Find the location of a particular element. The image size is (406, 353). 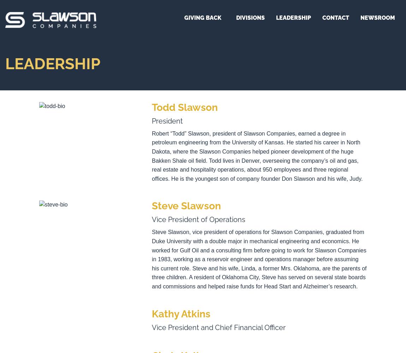

'Steve Slawson, vice president of operations for Slawson Companies, graduated from Duke University with a double major in mechanical engineering and economics. He worked for Gulf Oil and a consulting firm before going to work for Slawson Companies in 1983, working as a reservoir engineer and operations manager before assuming his current role. Steve and his wife, Linda, a former Mrs. Oklahoma, are the parents of three children. A resident of Oklahoma City, Steve has served on several state boards and commissions and helped raise funds for Head Start and Alzheimer’s research.' is located at coordinates (259, 259).